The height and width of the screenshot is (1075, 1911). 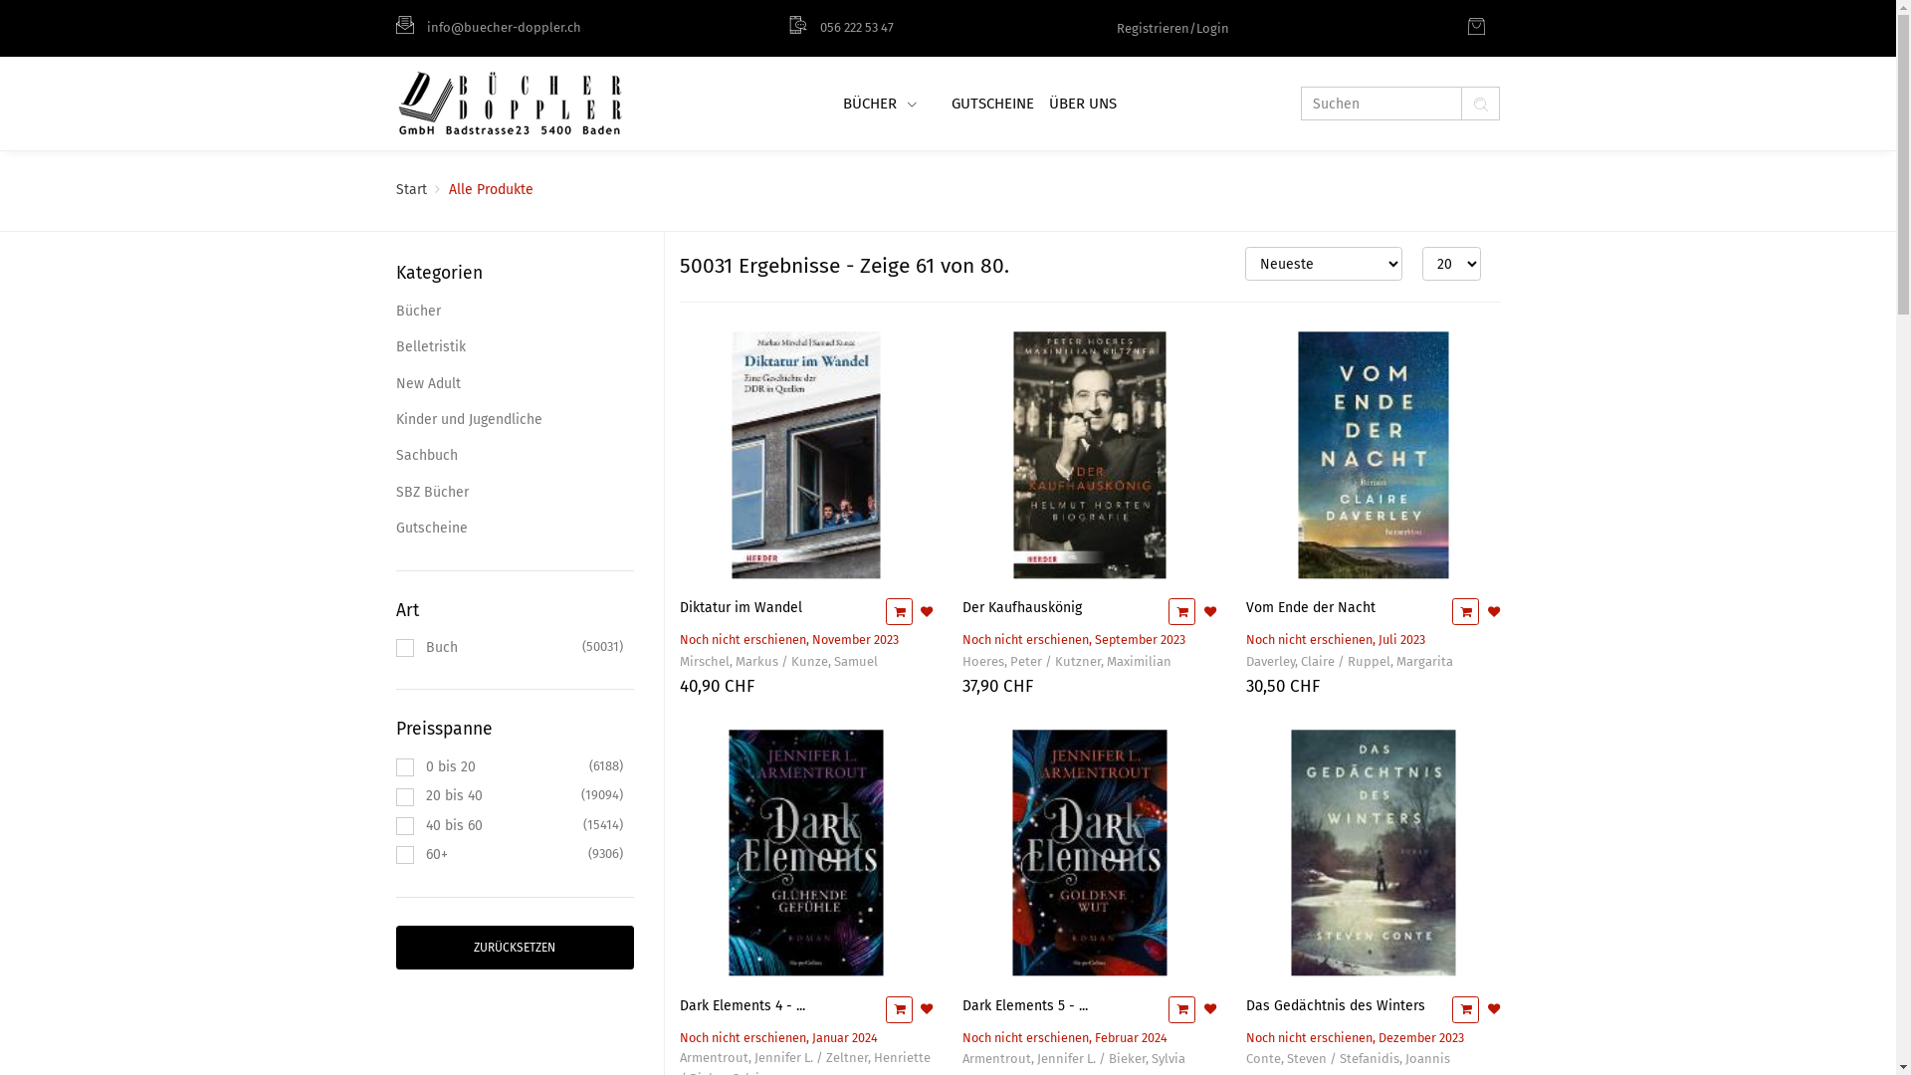 What do you see at coordinates (740, 1005) in the screenshot?
I see `'Dark Elements 4 - ...'` at bounding box center [740, 1005].